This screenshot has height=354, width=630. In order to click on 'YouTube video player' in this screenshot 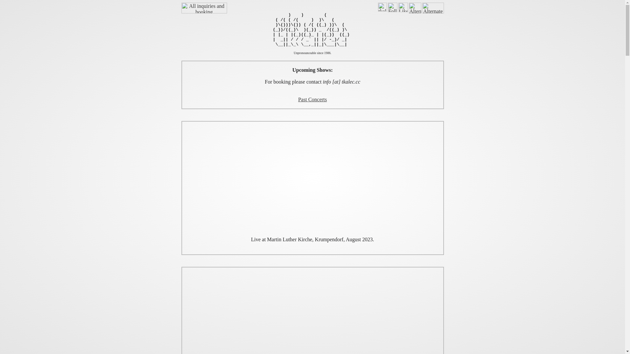, I will do `click(312, 179)`.